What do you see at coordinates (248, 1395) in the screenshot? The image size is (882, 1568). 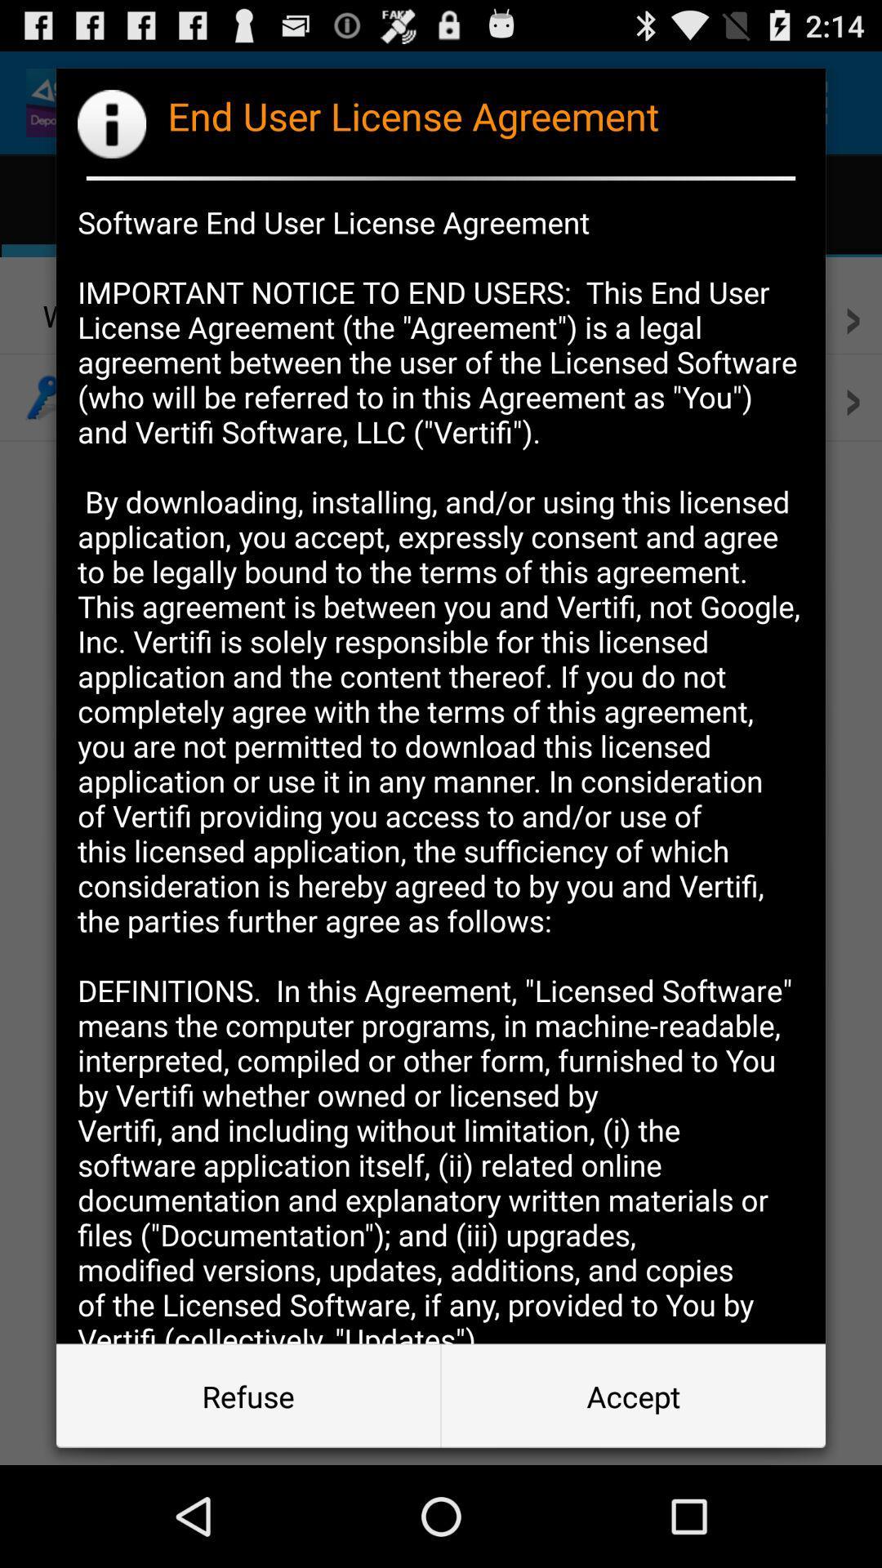 I see `the refuse` at bounding box center [248, 1395].